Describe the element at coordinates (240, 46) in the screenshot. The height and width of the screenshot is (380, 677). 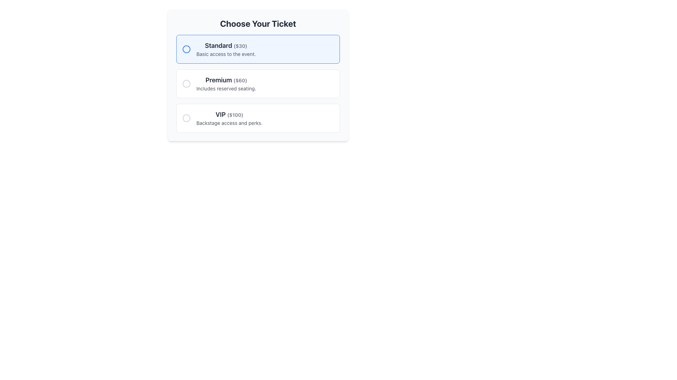
I see `text label displaying '($30)' located to the right of the 'Standard' text in the ticket selection interface` at that location.